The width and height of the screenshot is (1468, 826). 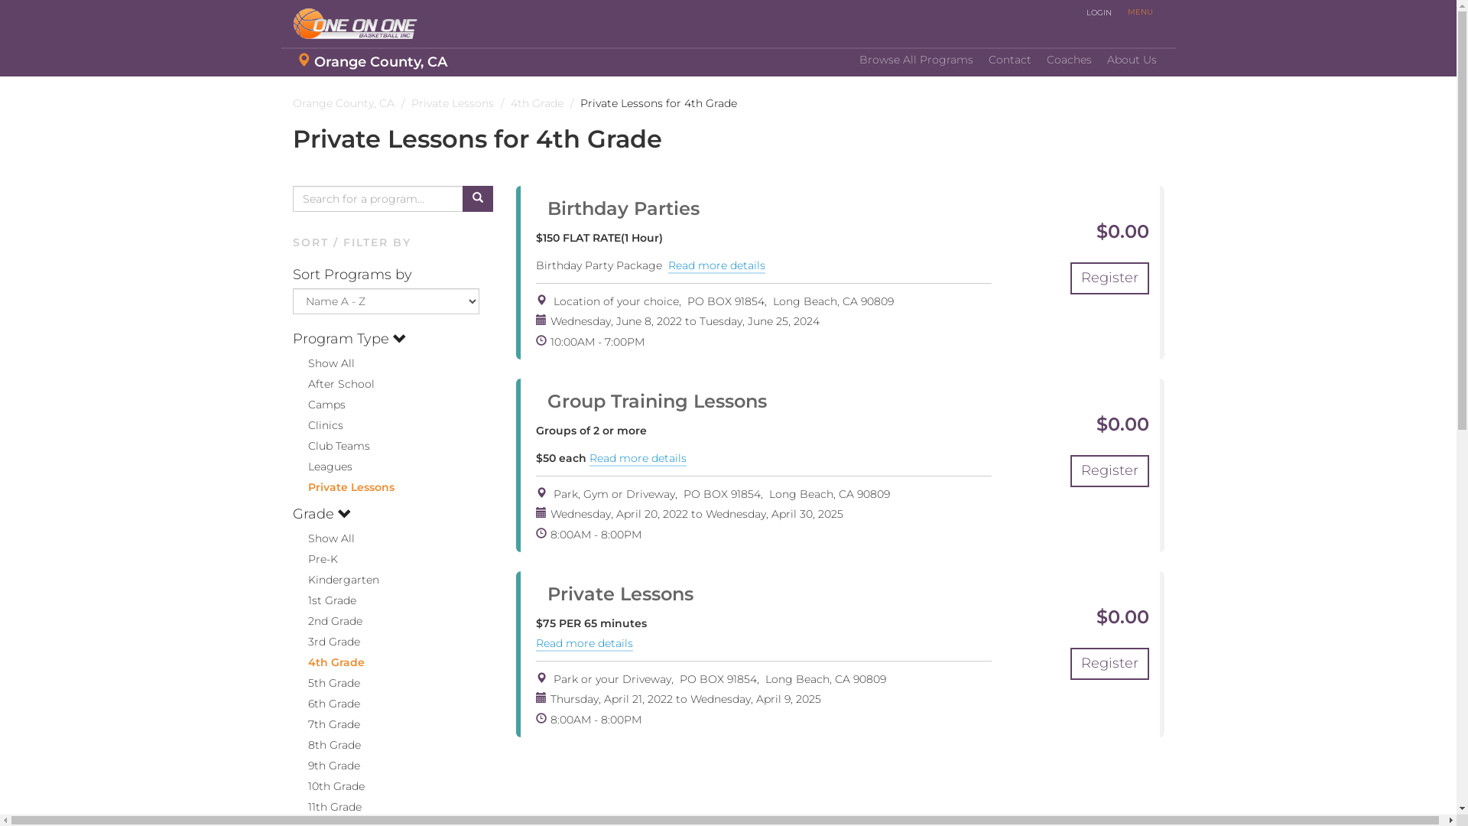 What do you see at coordinates (334, 580) in the screenshot?
I see `'Kindergarten'` at bounding box center [334, 580].